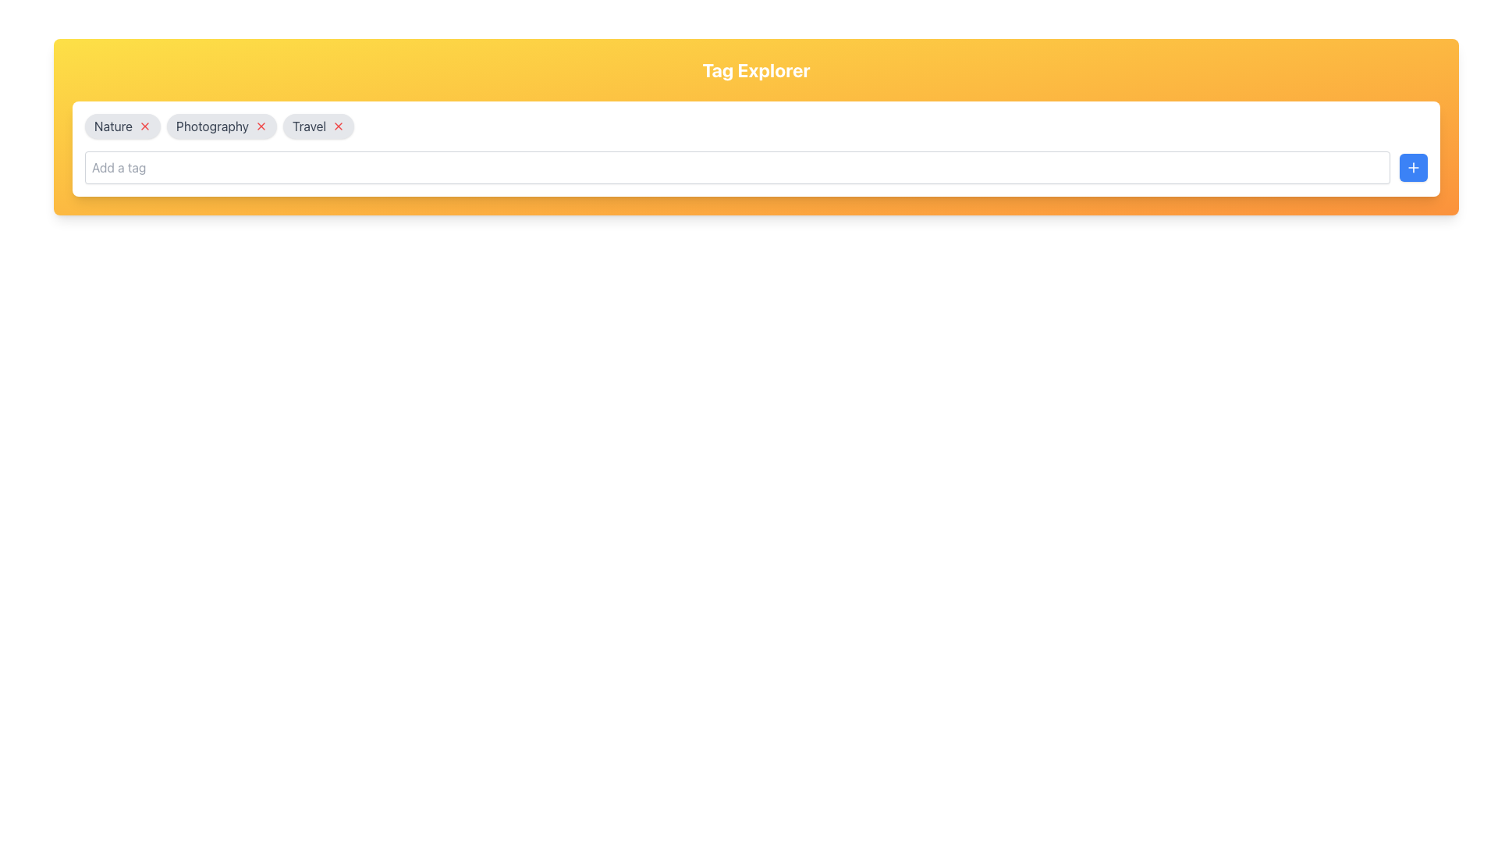 This screenshot has height=843, width=1498. I want to click on the 'Travel' tag with a close button, so click(318, 126).